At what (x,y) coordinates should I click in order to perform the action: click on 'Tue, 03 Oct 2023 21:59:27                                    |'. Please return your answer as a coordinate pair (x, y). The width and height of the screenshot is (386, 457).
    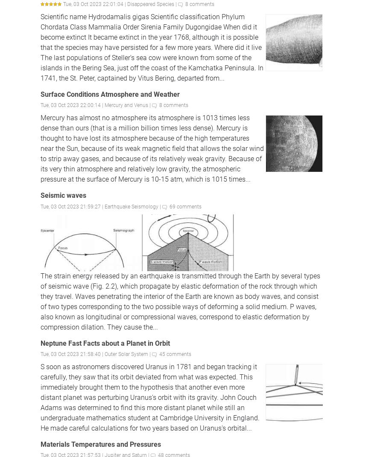
    Looking at the image, I should click on (73, 206).